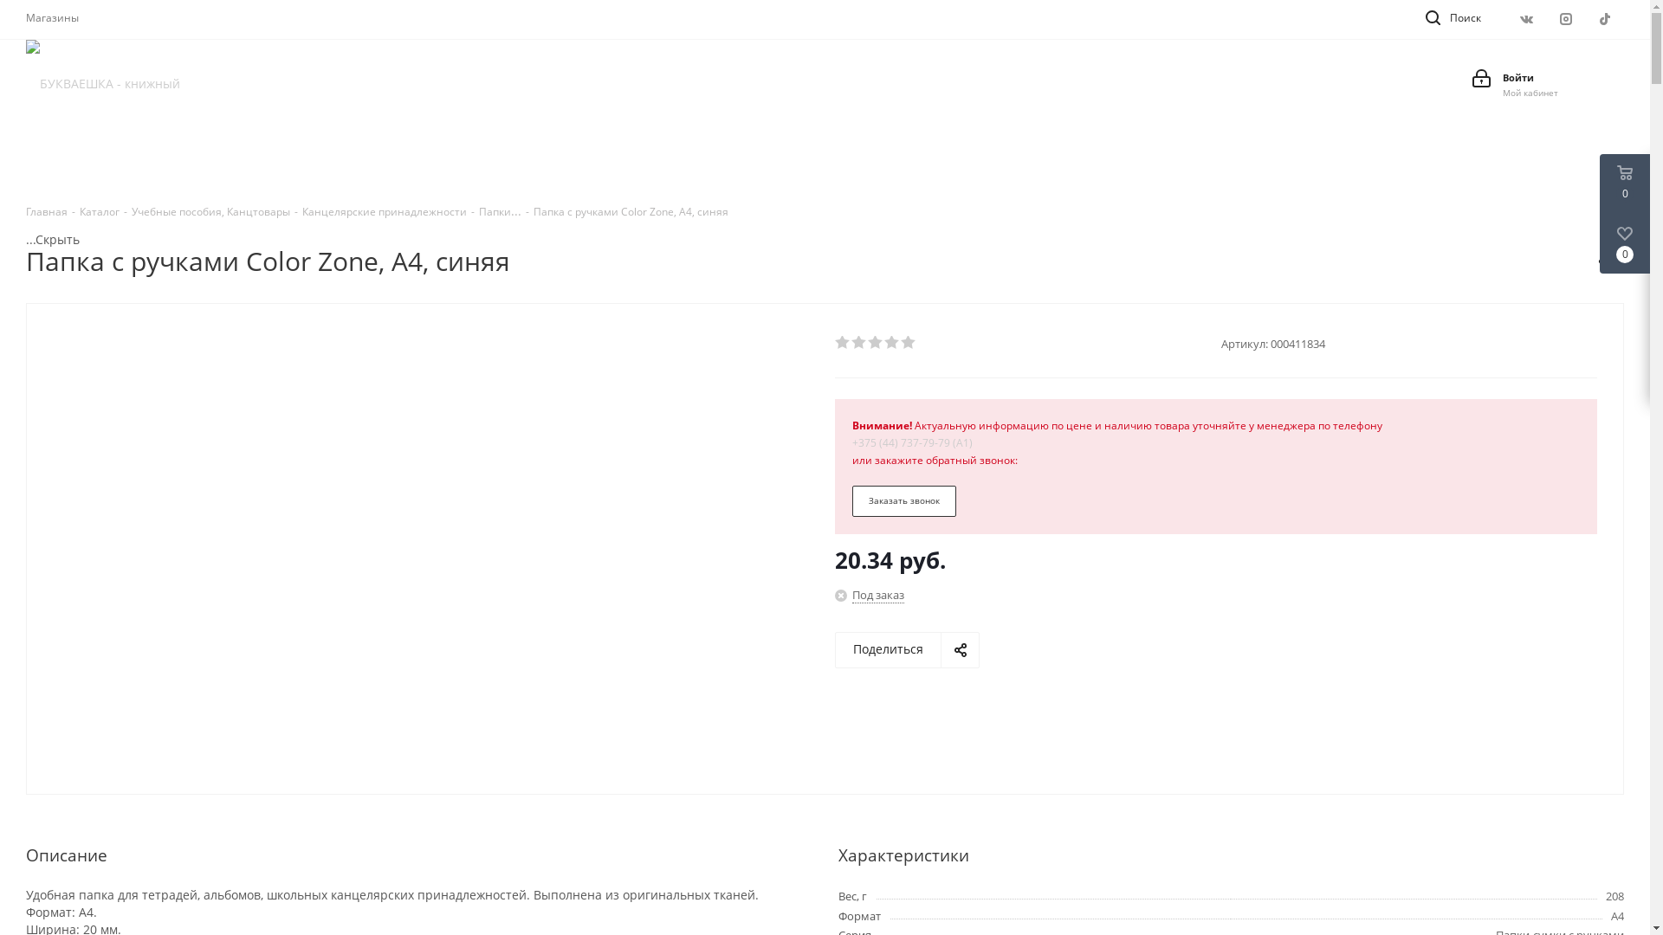 The height and width of the screenshot is (935, 1663). Describe the element at coordinates (876, 343) in the screenshot. I see `'3'` at that location.